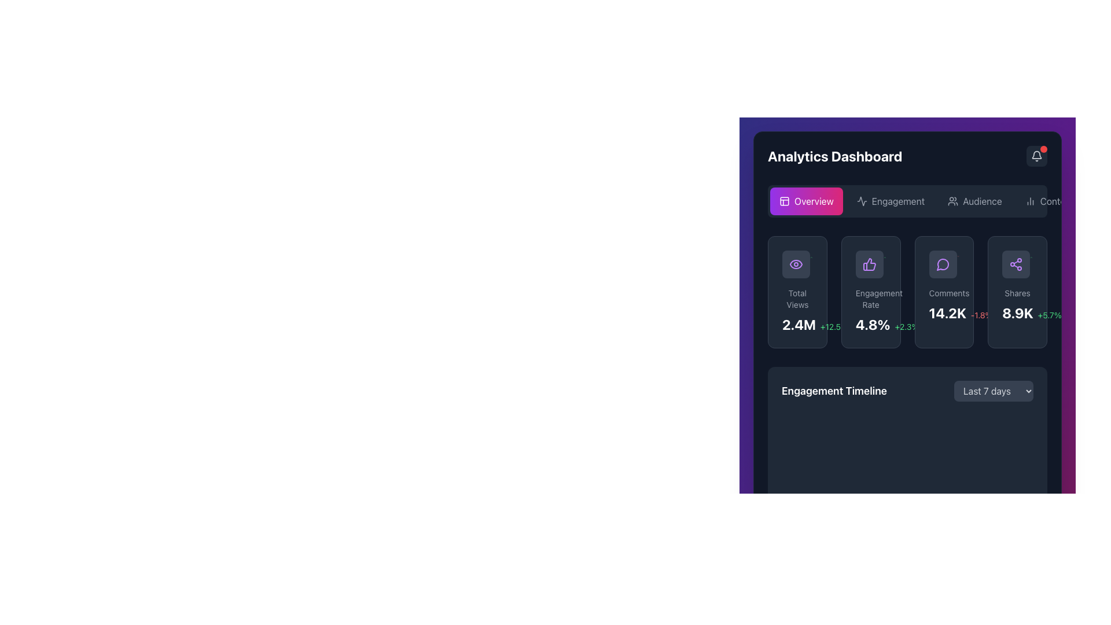  I want to click on the notification icon located in the top-right corner of the header section to trigger the tooltip, if available, so click(1036, 156).